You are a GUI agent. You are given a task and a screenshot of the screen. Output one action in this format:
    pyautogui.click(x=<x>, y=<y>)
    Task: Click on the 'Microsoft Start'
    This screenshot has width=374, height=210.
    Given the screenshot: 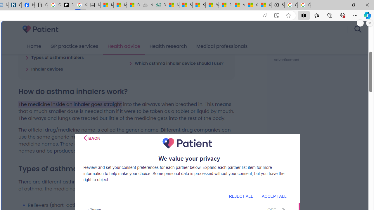 What is the action you would take?
    pyautogui.click(x=238, y=5)
    